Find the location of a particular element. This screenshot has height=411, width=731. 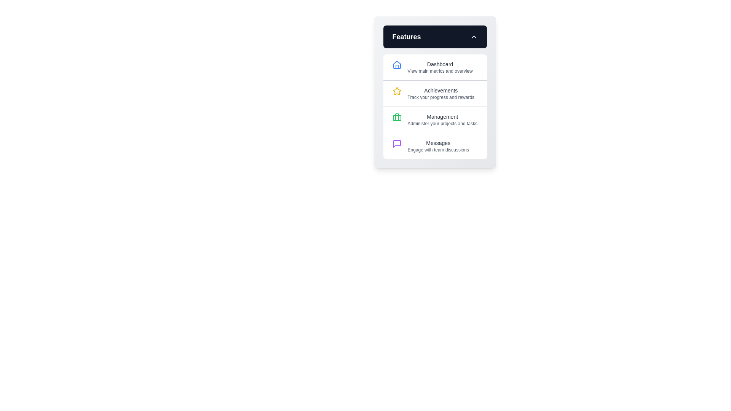

the 'Messages' icon, which is the third feature icon in a vertical list beneath the 'Management' feature icon is located at coordinates (396, 144).